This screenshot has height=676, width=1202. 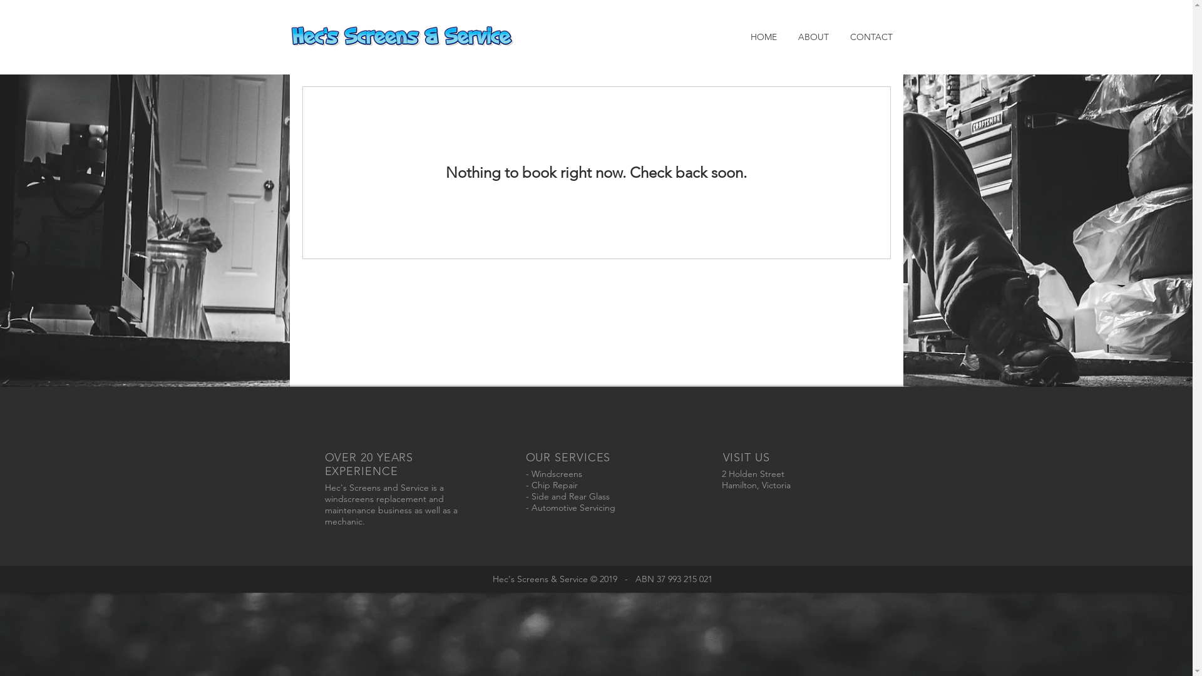 I want to click on 'ABOUT', so click(x=786, y=36).